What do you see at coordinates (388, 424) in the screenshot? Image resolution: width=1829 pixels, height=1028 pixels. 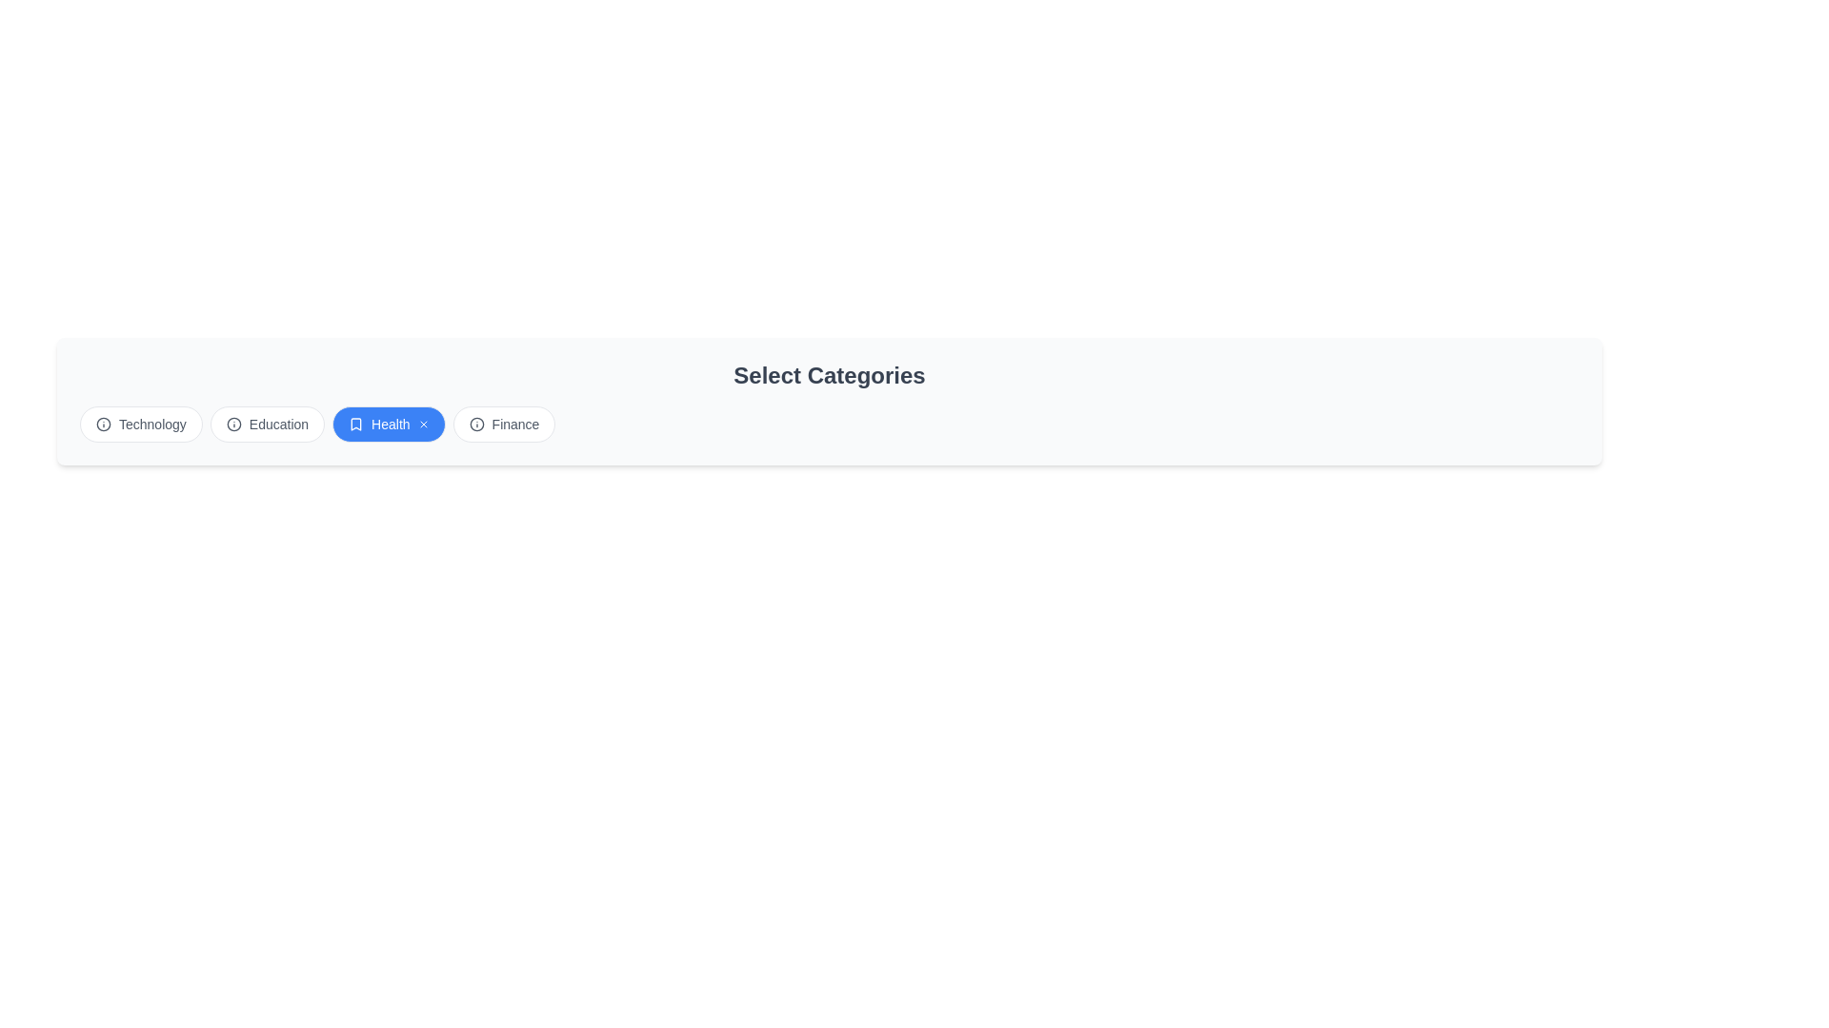 I see `the category Health by clicking on its chip` at bounding box center [388, 424].